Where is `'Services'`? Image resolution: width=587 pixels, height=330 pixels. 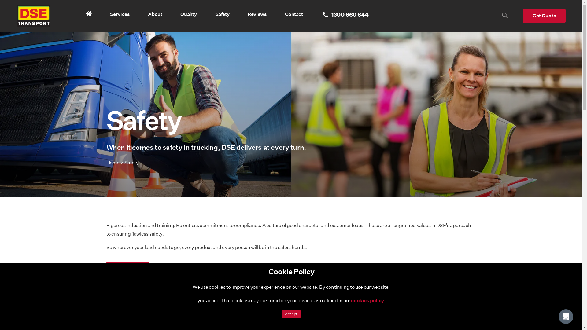
'Services' is located at coordinates (120, 14).